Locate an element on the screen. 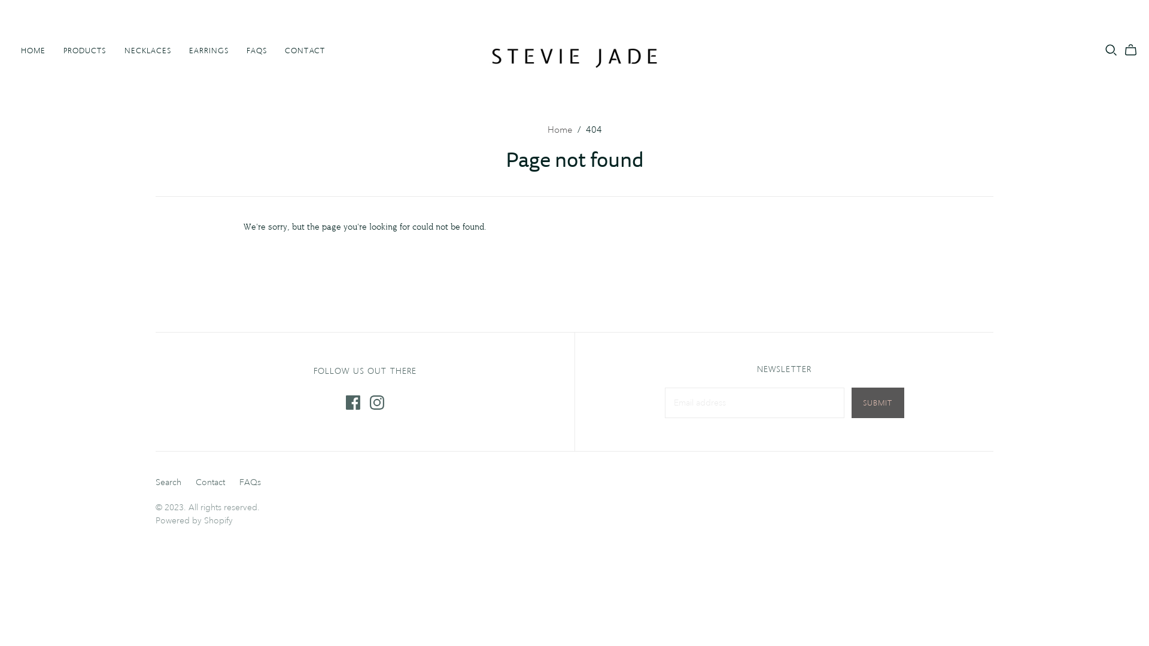  'Contact' is located at coordinates (195, 482).